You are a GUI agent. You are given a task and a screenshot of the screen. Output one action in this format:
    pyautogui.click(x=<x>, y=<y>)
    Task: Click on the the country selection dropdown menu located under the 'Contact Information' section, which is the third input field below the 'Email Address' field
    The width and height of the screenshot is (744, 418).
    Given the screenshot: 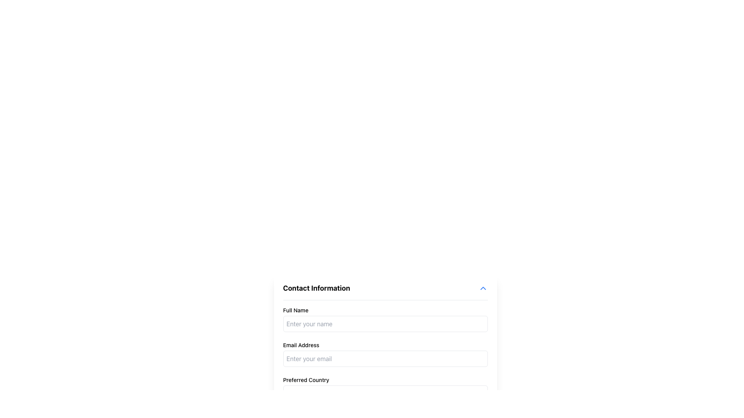 What is the action you would take?
    pyautogui.click(x=385, y=388)
    